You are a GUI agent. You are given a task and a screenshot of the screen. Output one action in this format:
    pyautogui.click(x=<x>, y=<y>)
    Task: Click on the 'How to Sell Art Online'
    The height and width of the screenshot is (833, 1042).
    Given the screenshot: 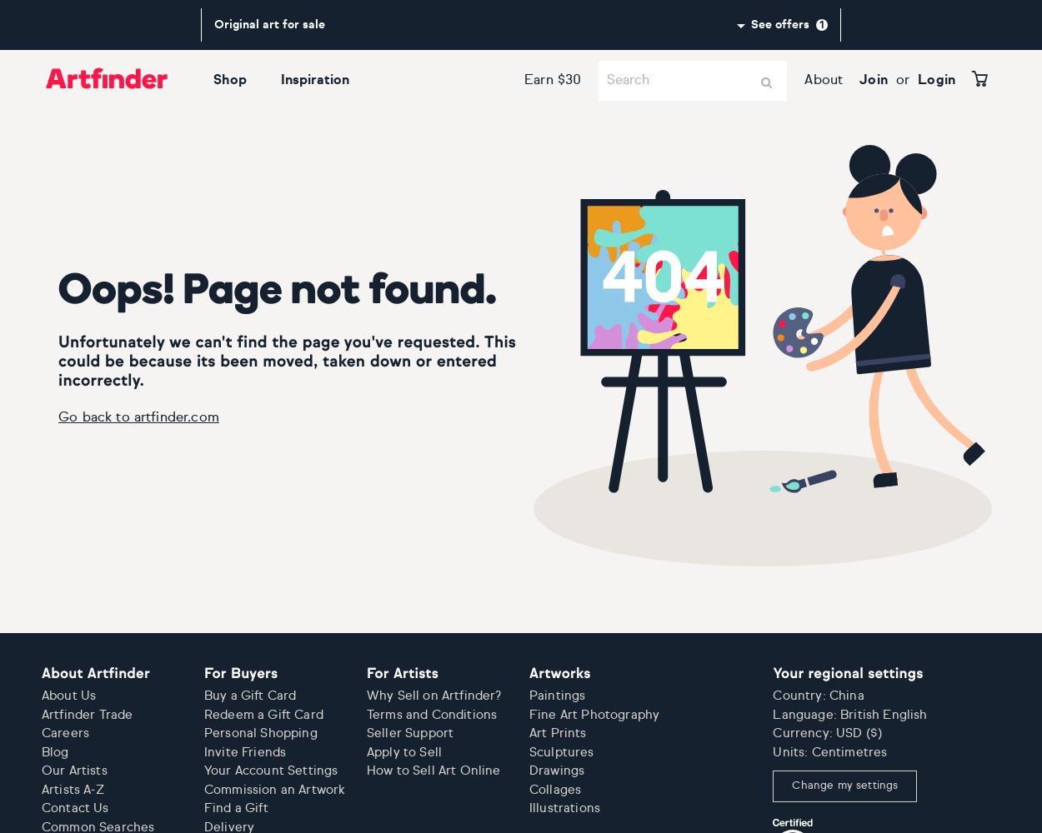 What is the action you would take?
    pyautogui.click(x=433, y=771)
    